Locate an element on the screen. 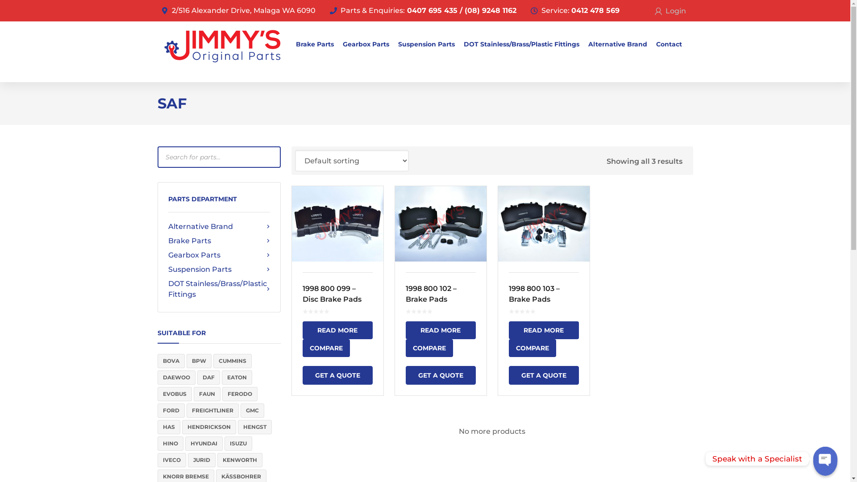  'GMC' is located at coordinates (251, 411).